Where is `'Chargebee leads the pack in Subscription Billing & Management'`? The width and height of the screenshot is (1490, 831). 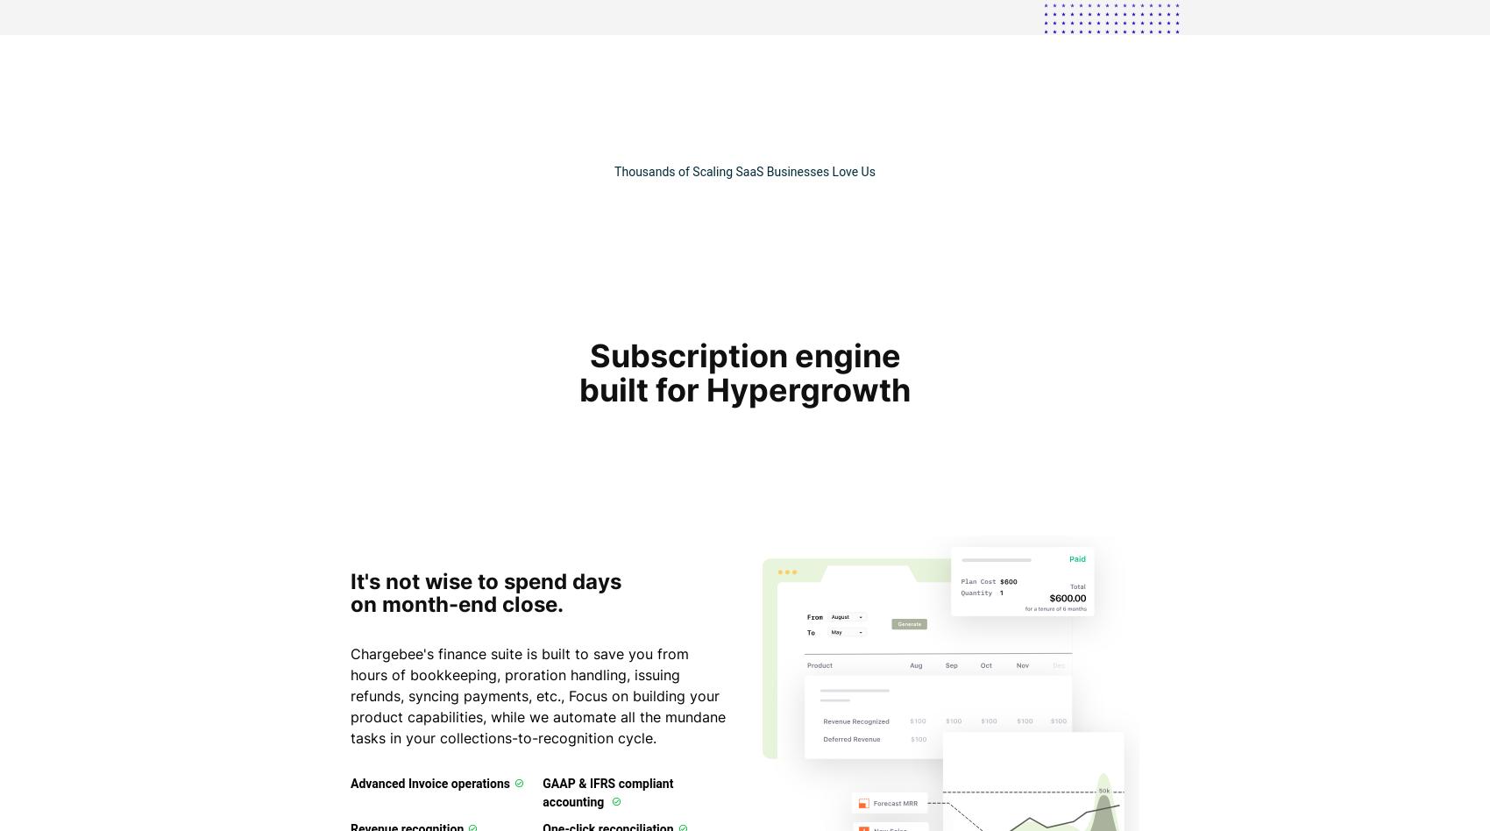
'Chargebee leads the pack in Subscription Billing & Management' is located at coordinates (743, 501).